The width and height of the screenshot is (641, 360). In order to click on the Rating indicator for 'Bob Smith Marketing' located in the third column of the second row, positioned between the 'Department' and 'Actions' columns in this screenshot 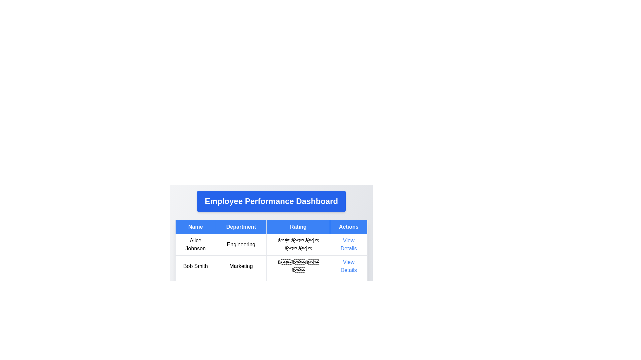, I will do `click(298, 266)`.